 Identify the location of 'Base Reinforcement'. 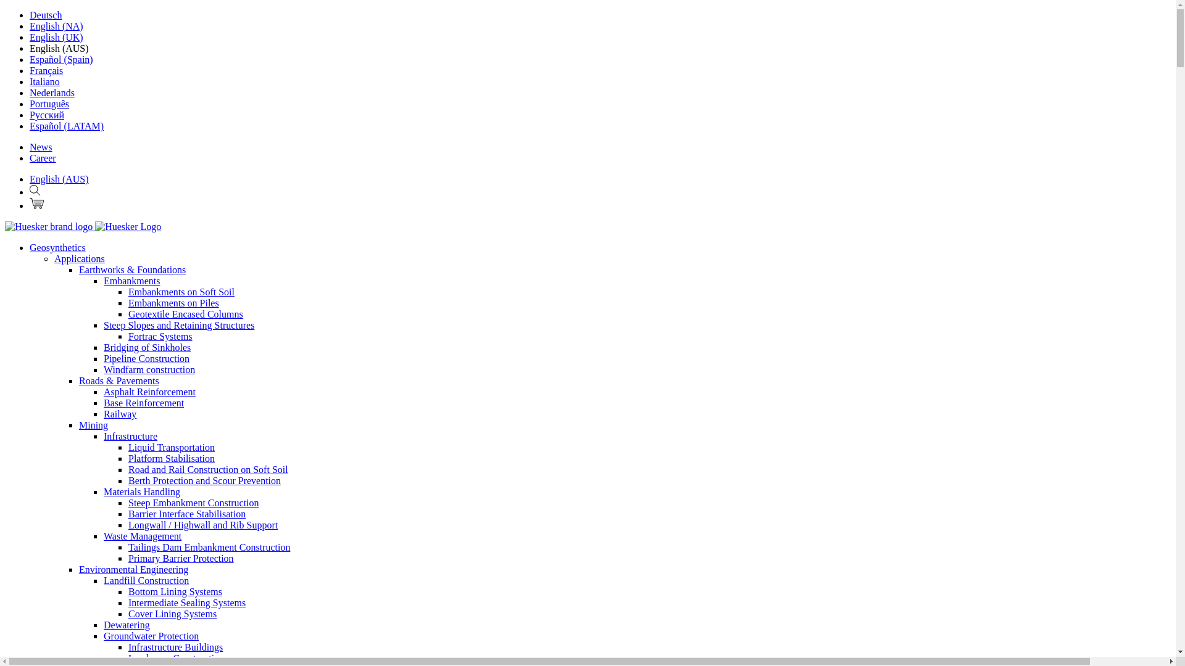
(144, 403).